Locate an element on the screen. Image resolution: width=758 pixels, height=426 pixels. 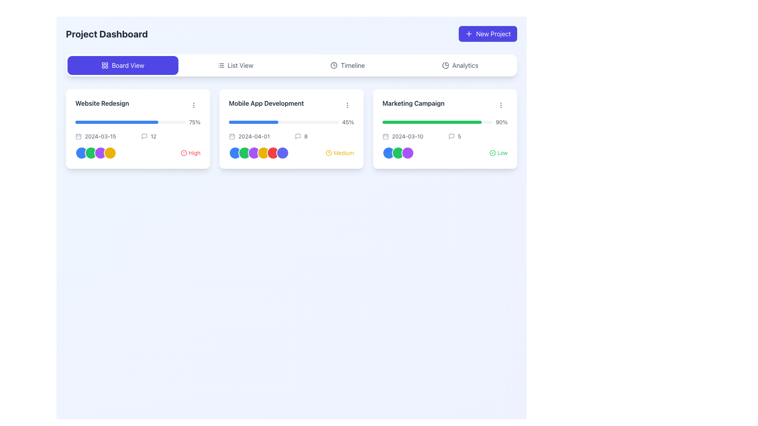
the title text labeled 'Website Redesign', which is the first text label positioned prominently at the top left of the card is located at coordinates (101, 103).